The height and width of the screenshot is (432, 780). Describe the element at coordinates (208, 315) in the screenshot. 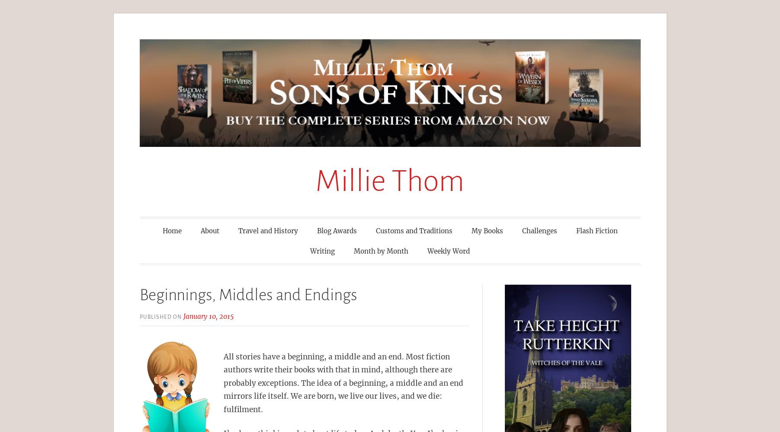

I see `'January 10, 2015'` at that location.